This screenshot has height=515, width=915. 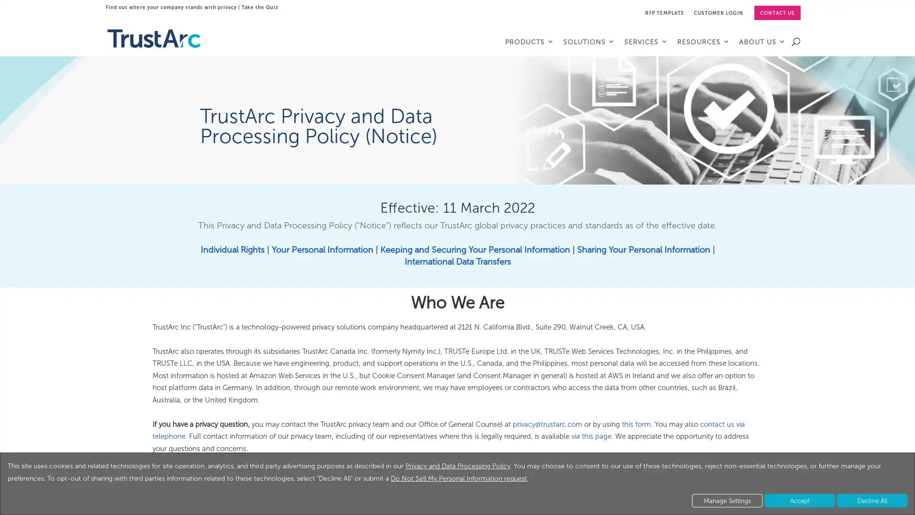 I want to click on Decline All, so click(x=872, y=500).